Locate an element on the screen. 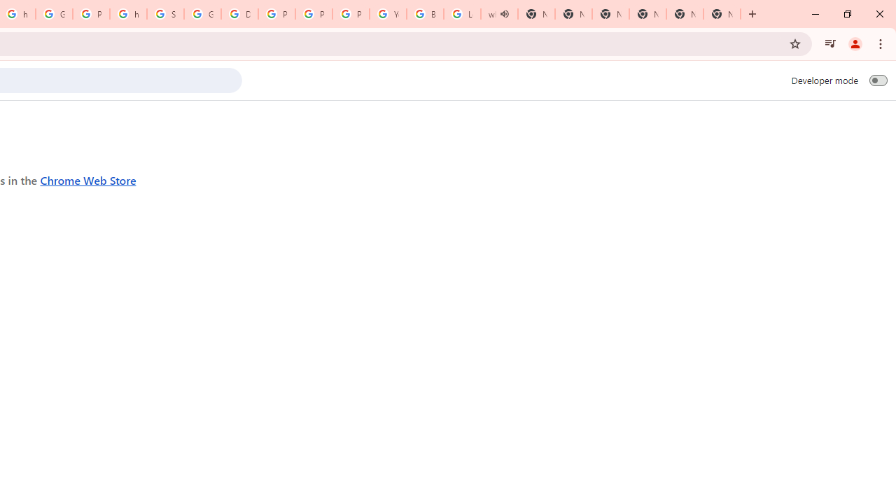 The height and width of the screenshot is (504, 896). 'Privacy Help Center - Policies Help' is located at coordinates (276, 14).